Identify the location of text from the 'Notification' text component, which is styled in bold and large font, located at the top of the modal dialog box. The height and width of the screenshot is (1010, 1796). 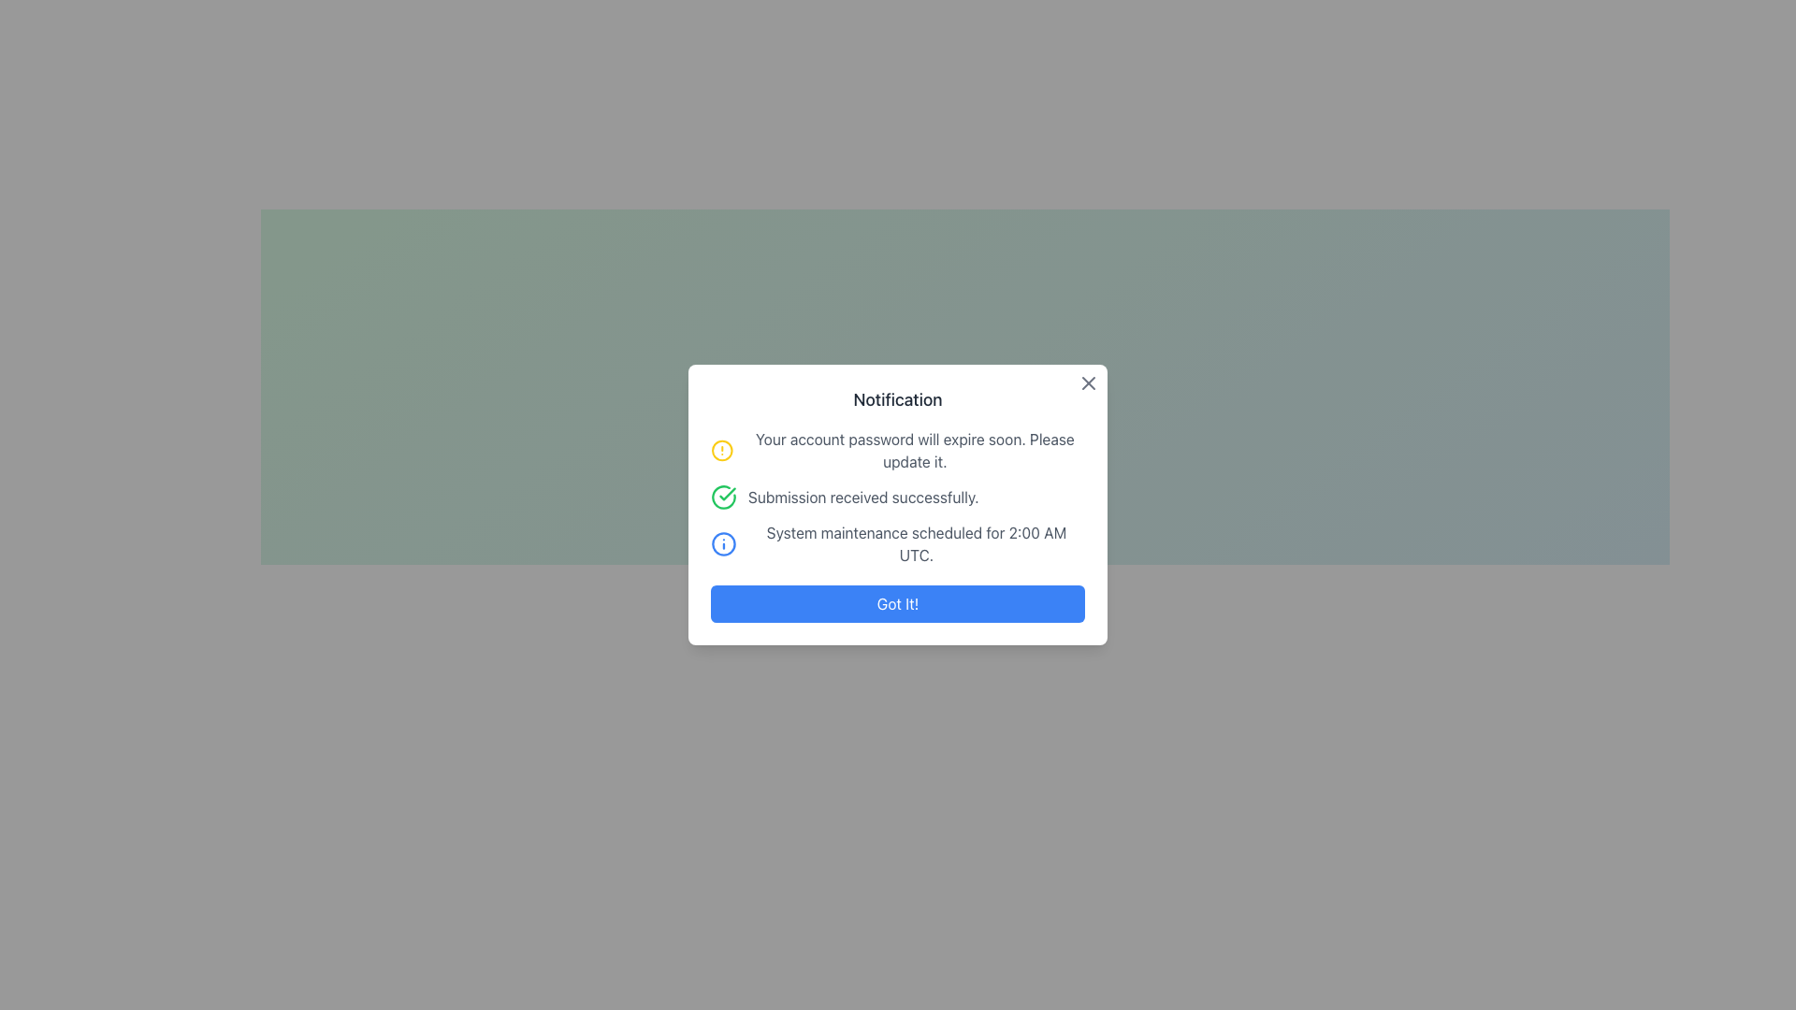
(898, 399).